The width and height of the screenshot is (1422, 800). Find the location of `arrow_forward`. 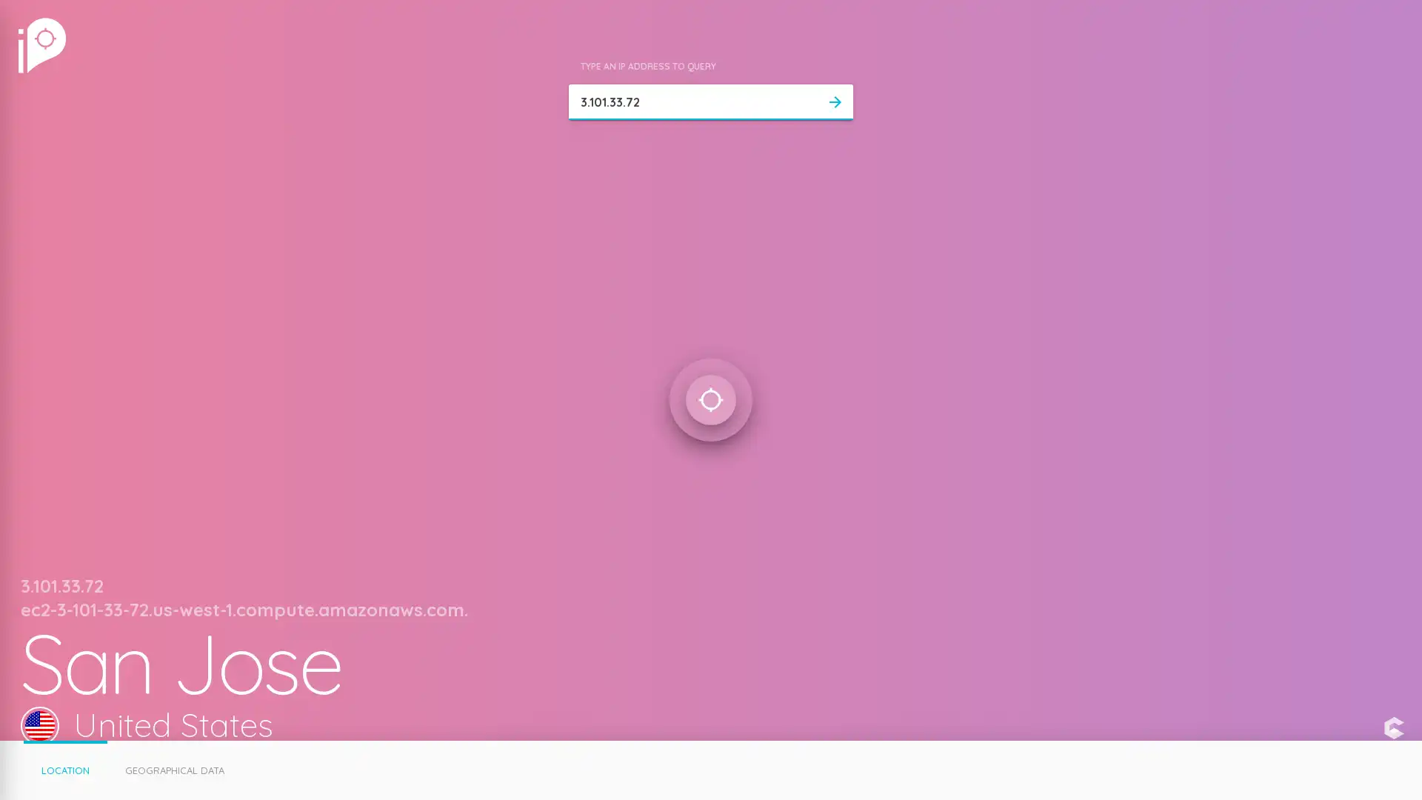

arrow_forward is located at coordinates (835, 101).